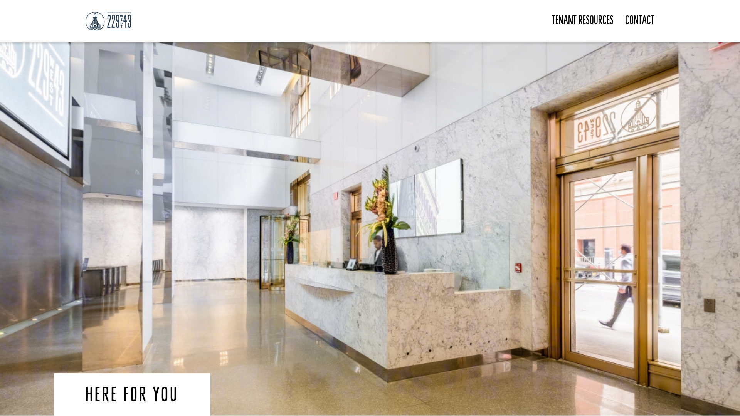 The image size is (740, 416). I want to click on 'TENANT RESOURCES', so click(583, 21).